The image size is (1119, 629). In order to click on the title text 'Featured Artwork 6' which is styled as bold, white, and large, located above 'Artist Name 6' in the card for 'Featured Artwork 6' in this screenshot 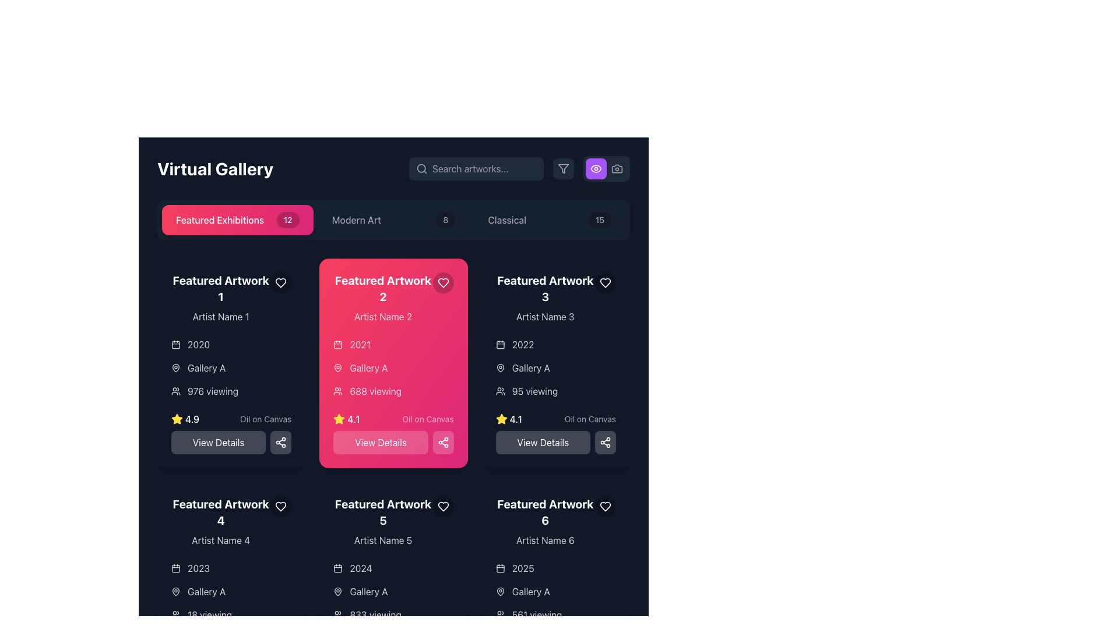, I will do `click(544, 511)`.